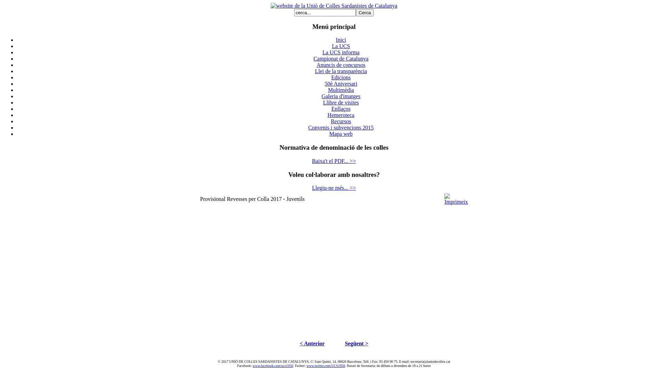 The image size is (668, 376). I want to click on 'Anuncis de concursos', so click(341, 65).